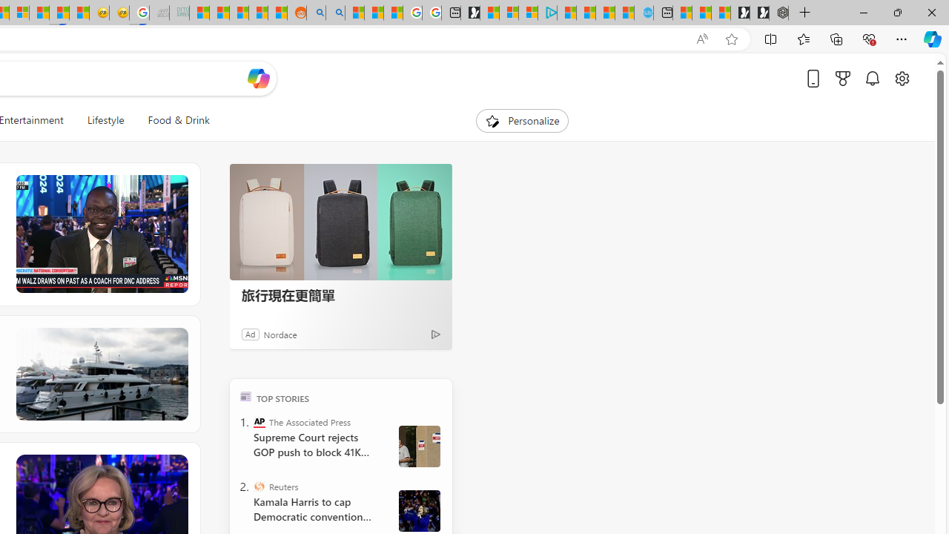  I want to click on 'Fix Boat Bliss', so click(100, 373).